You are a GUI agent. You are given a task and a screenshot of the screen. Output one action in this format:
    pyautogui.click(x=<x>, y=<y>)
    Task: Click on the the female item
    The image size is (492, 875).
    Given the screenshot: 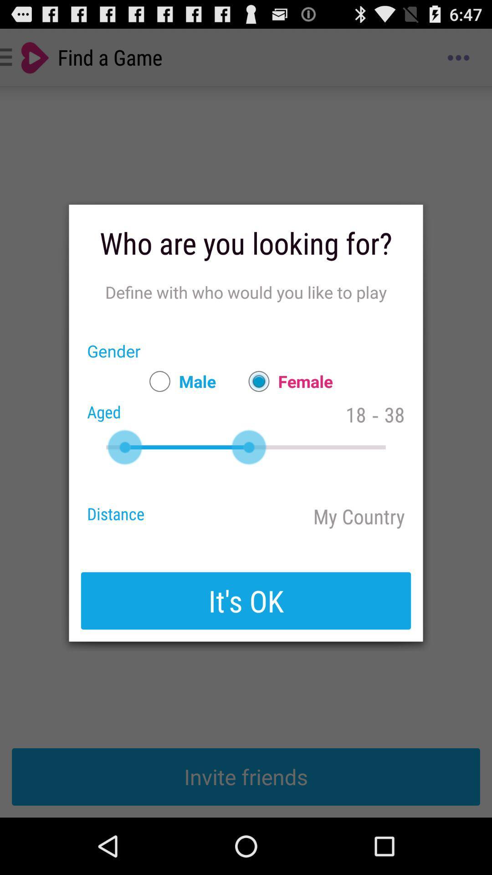 What is the action you would take?
    pyautogui.click(x=286, y=381)
    